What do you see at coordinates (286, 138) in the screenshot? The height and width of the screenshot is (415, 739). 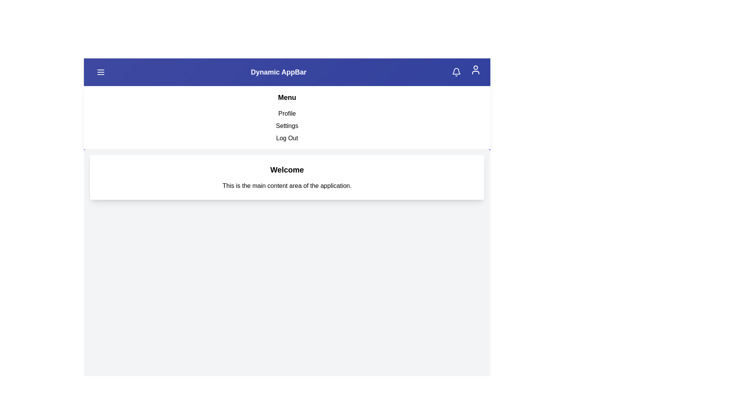 I see `the menu item Log Out to navigate to its respective section` at bounding box center [286, 138].